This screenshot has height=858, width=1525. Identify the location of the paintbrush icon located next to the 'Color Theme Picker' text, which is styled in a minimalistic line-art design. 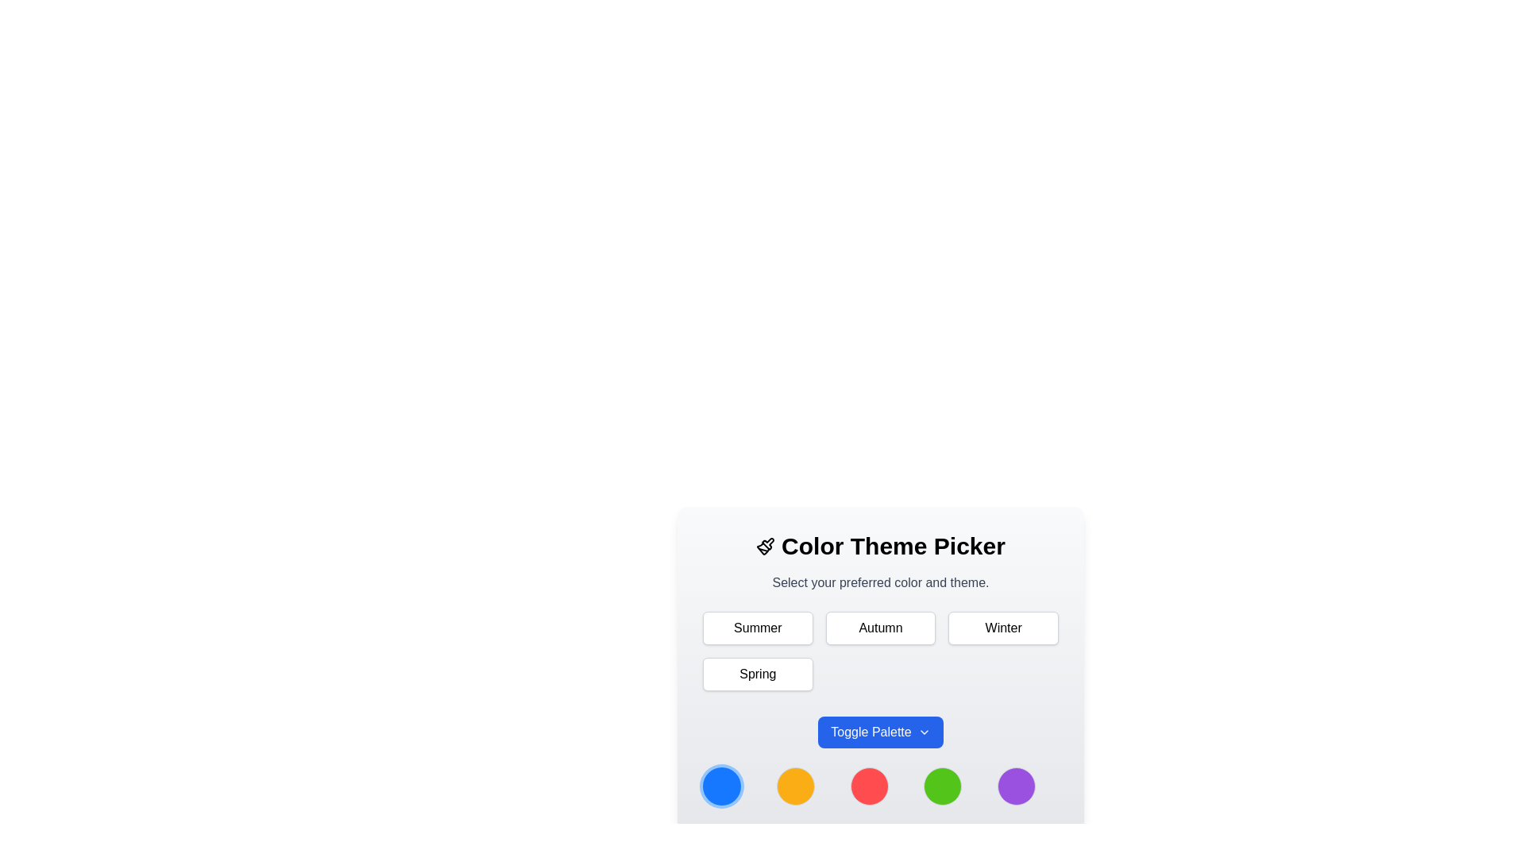
(766, 545).